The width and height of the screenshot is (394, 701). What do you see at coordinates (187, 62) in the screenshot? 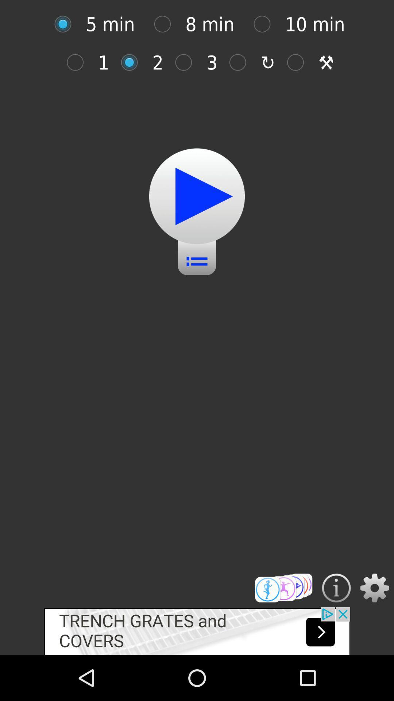
I see `3` at bounding box center [187, 62].